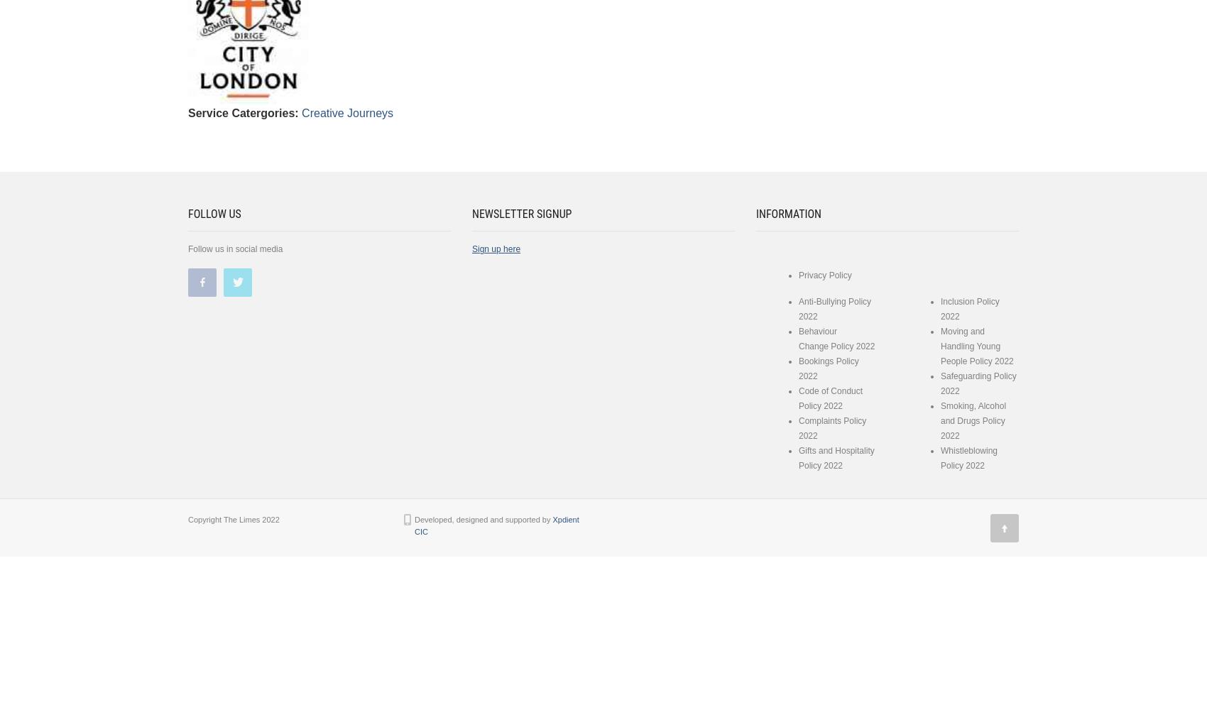  What do you see at coordinates (831, 427) in the screenshot?
I see `'Complaints Policy 2022'` at bounding box center [831, 427].